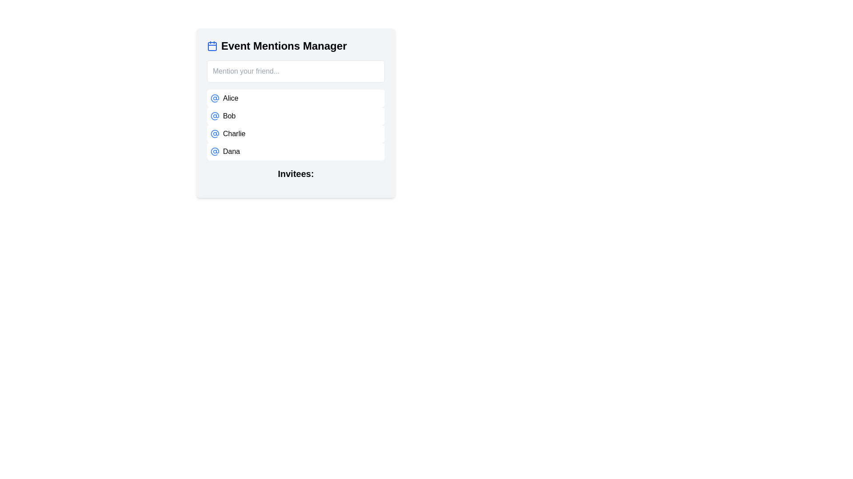  What do you see at coordinates (215, 116) in the screenshot?
I see `the blue '@' icon located to the left of the text 'Bob' in the second row of the list under 'Event Mentions Manager'` at bounding box center [215, 116].